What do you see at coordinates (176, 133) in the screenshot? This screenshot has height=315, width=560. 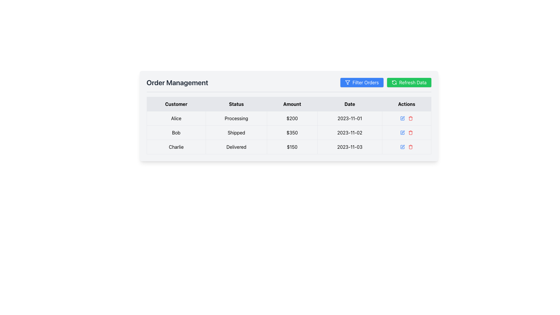 I see `the Text Label displaying 'Bob' in the 'Customer' column of the table, which is located in the second row between 'Alice' and 'Charlie'` at bounding box center [176, 133].